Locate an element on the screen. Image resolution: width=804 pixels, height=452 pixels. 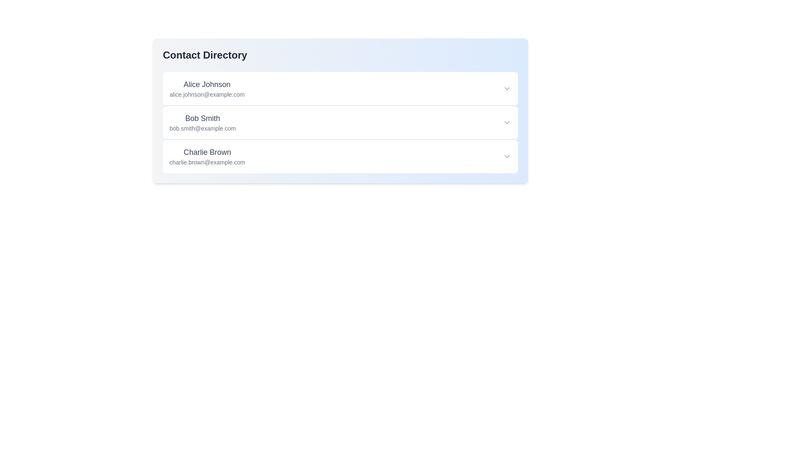
the gray chevron-shaped arrow icon located at the far-right end of the user details row is located at coordinates (506, 89).